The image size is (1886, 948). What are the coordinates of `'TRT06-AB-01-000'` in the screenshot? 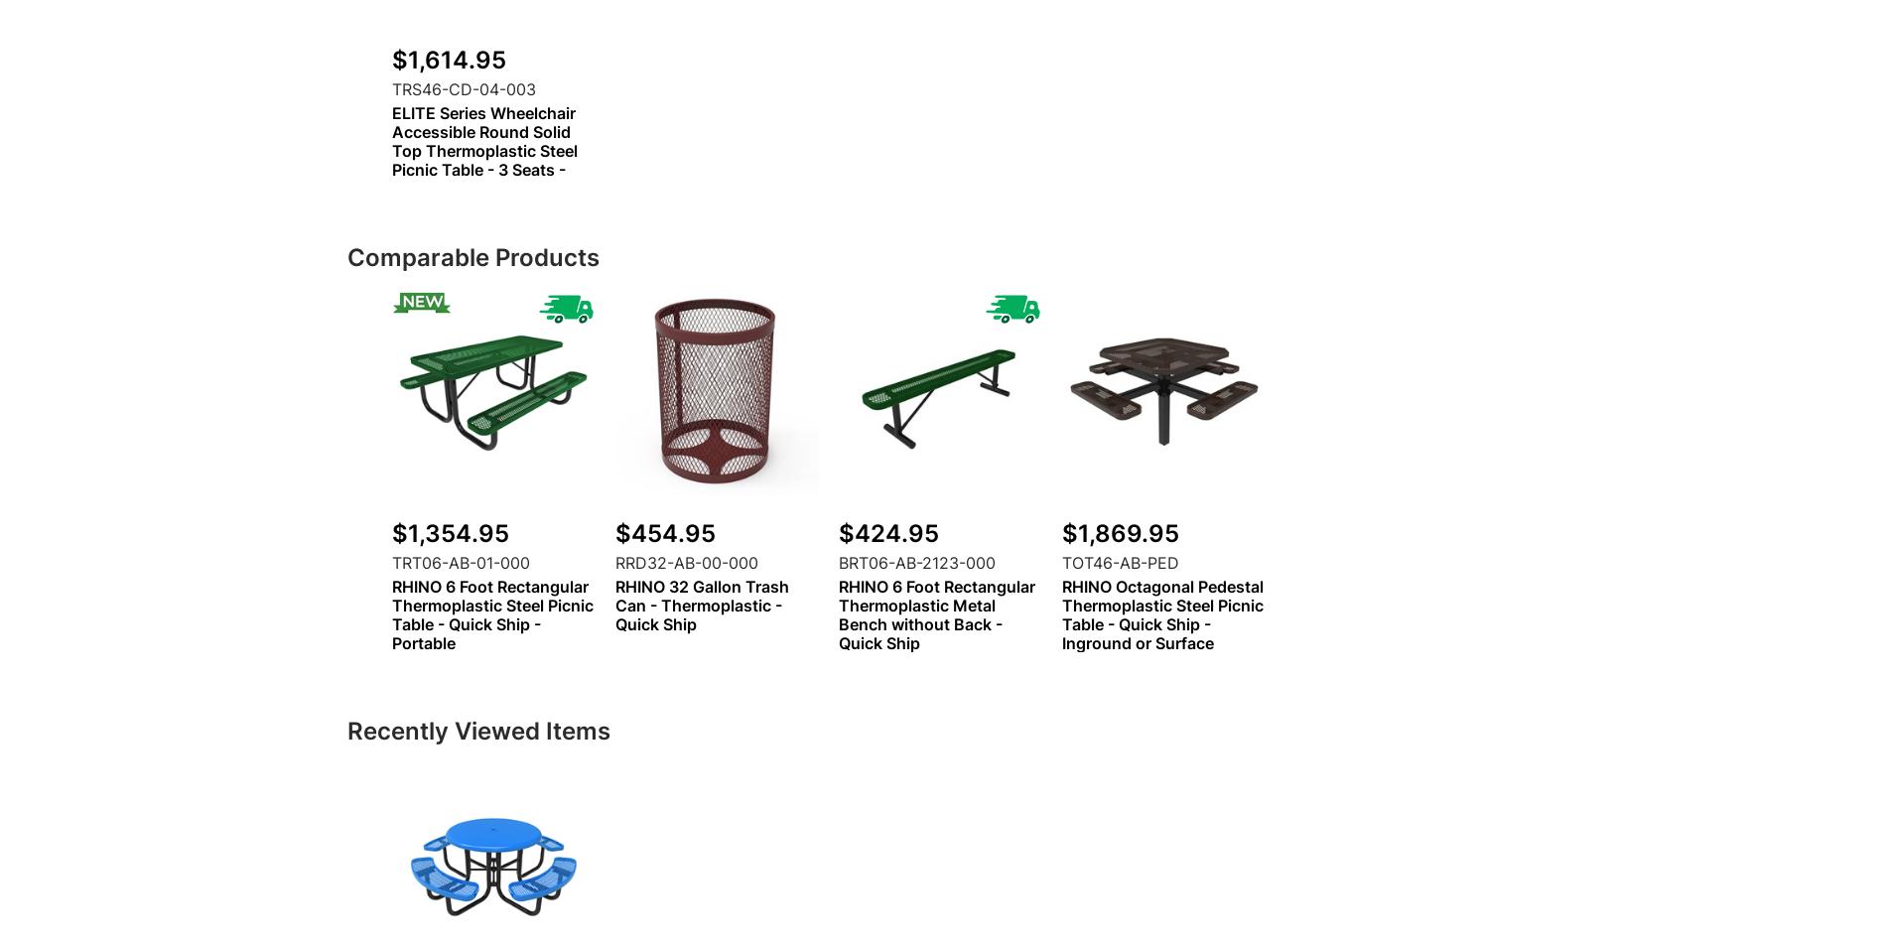 It's located at (460, 562).